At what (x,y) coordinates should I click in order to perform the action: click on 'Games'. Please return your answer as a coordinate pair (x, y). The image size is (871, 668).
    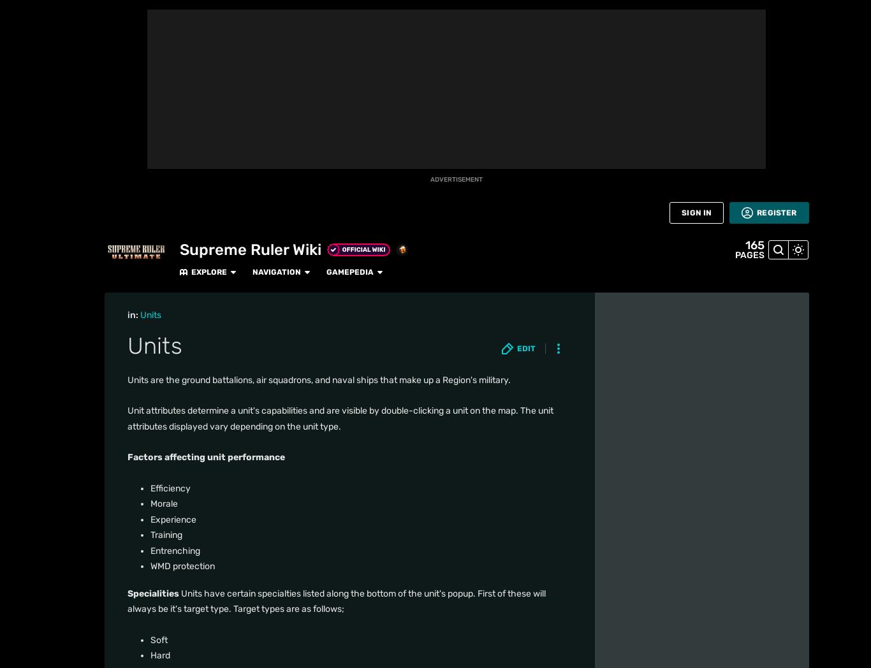
    Looking at the image, I should click on (20, 182).